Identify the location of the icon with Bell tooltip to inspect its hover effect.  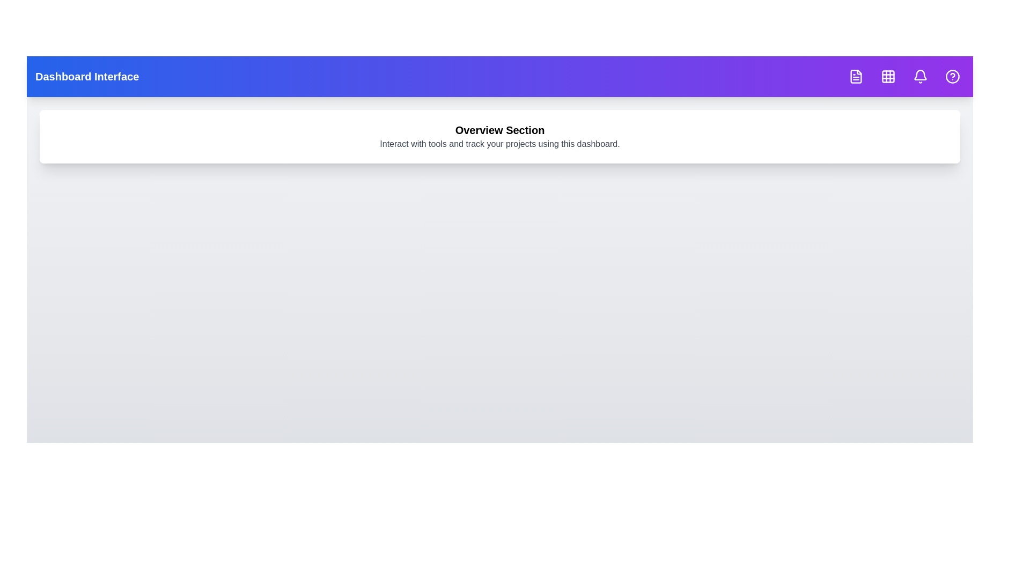
(920, 76).